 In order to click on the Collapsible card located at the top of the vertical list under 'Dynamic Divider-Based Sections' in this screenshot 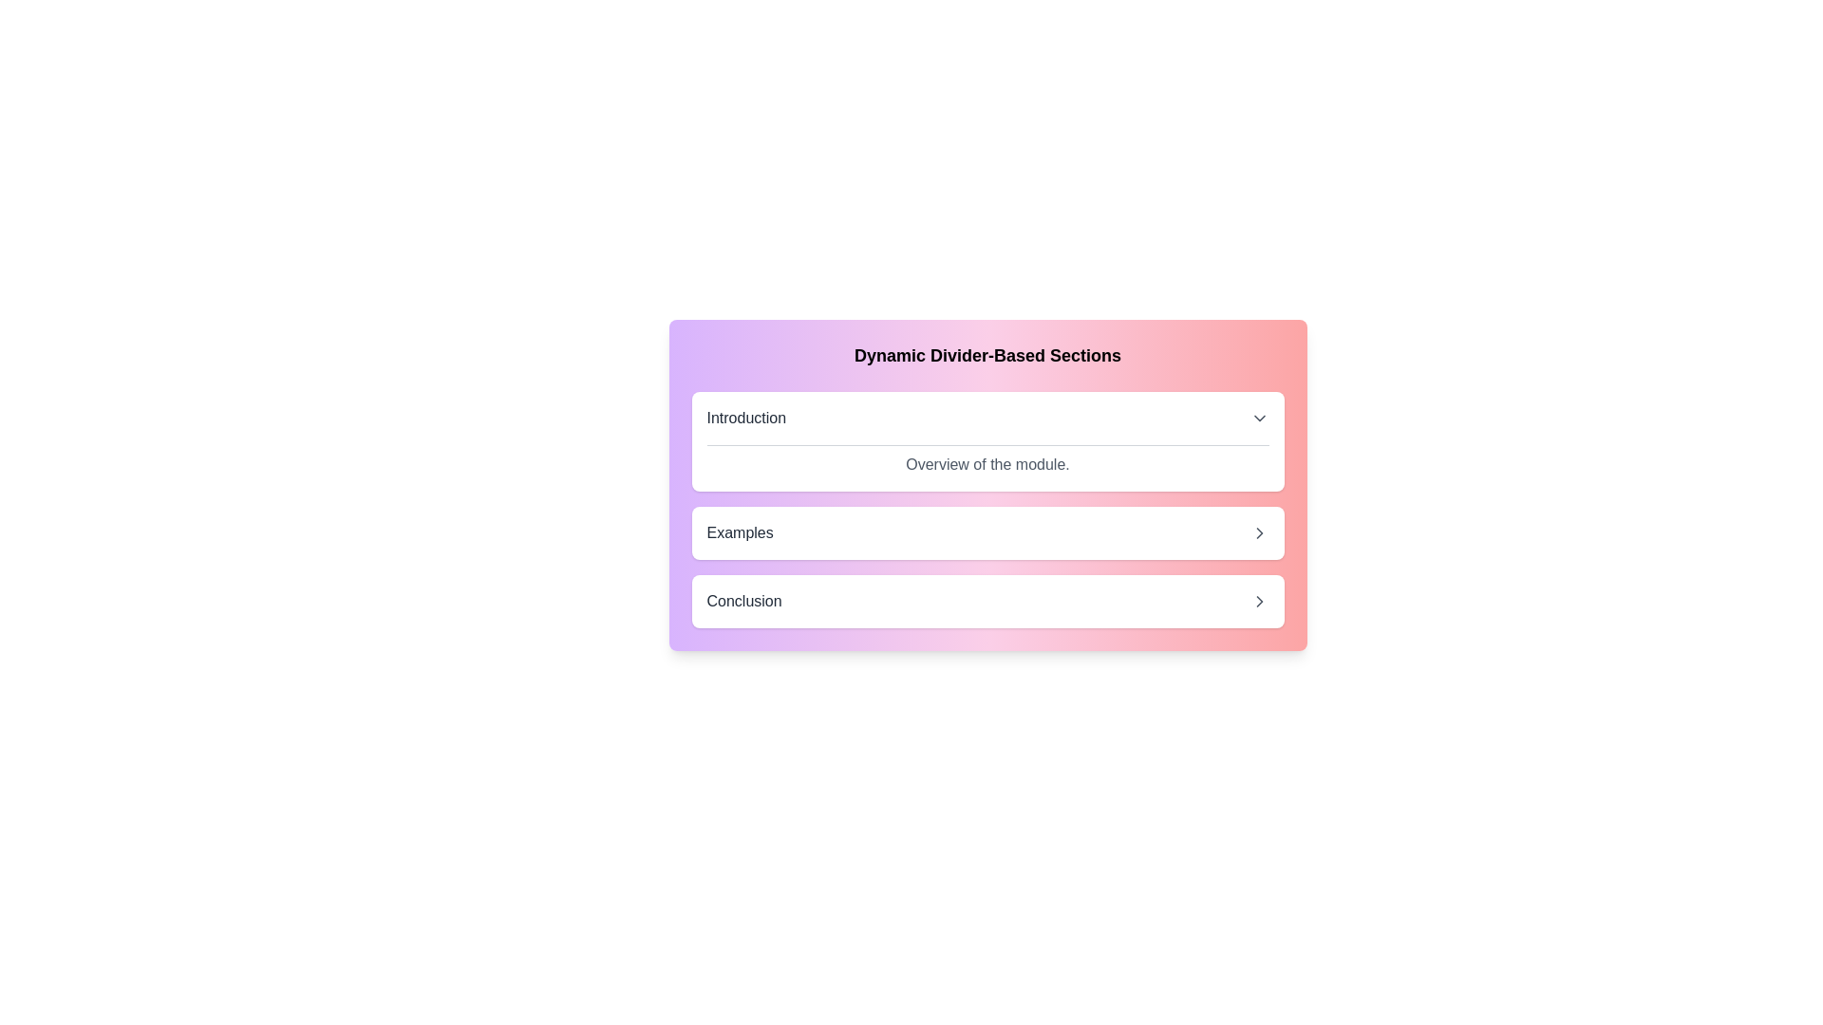, I will do `click(987, 441)`.